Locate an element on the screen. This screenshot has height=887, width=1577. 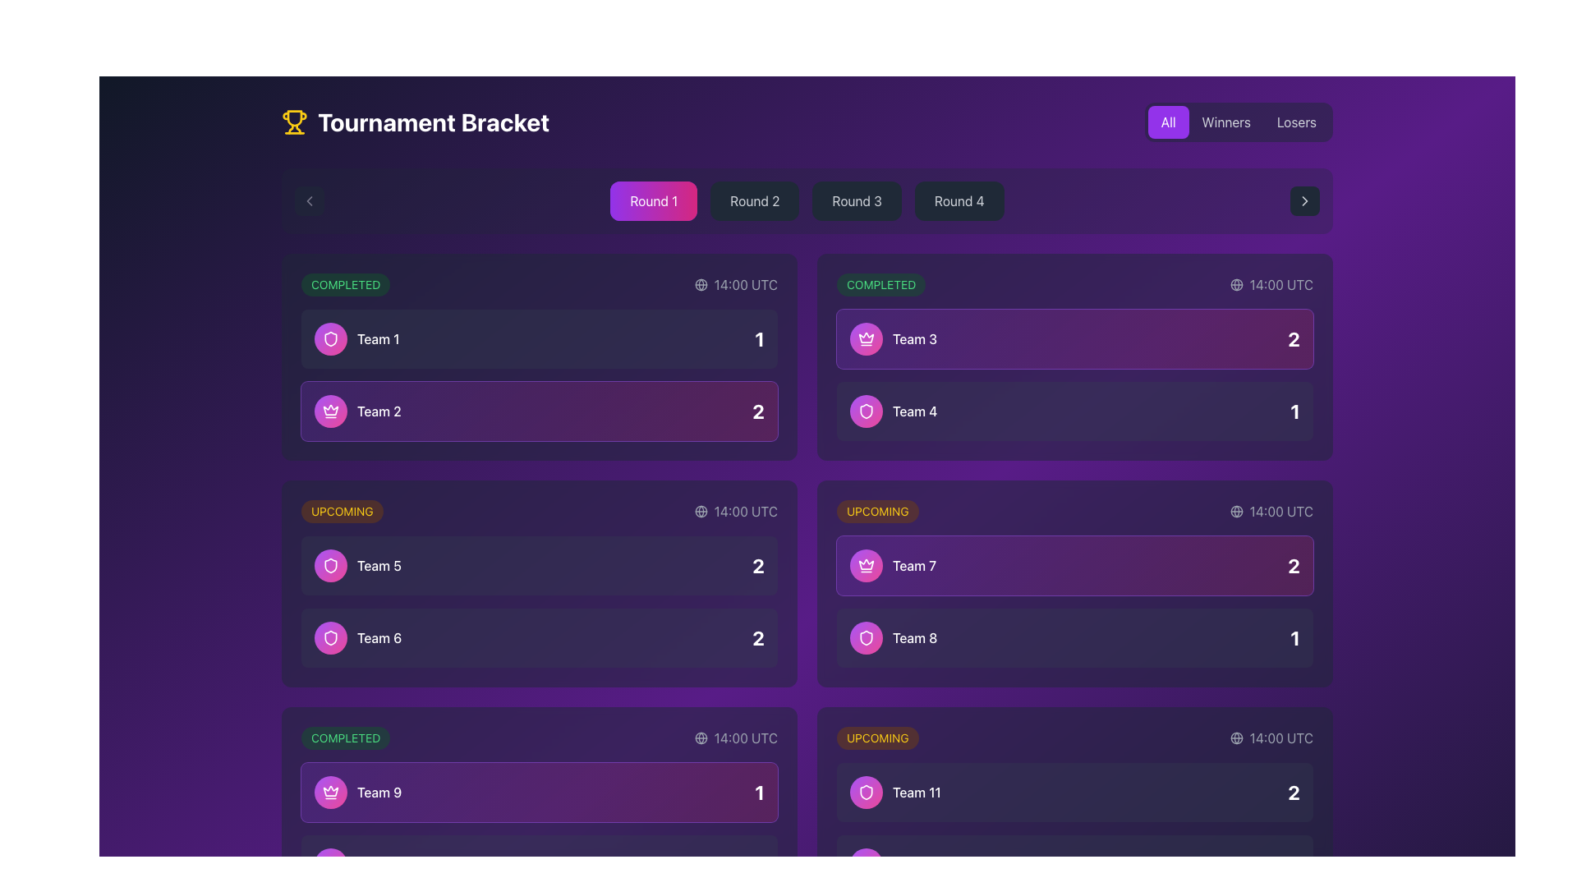
the Informational card displaying 'Team 4' with a score of '1' located in the second row of the right column of match cards in the 'Tournament Bracket' interface is located at coordinates (1075, 411).